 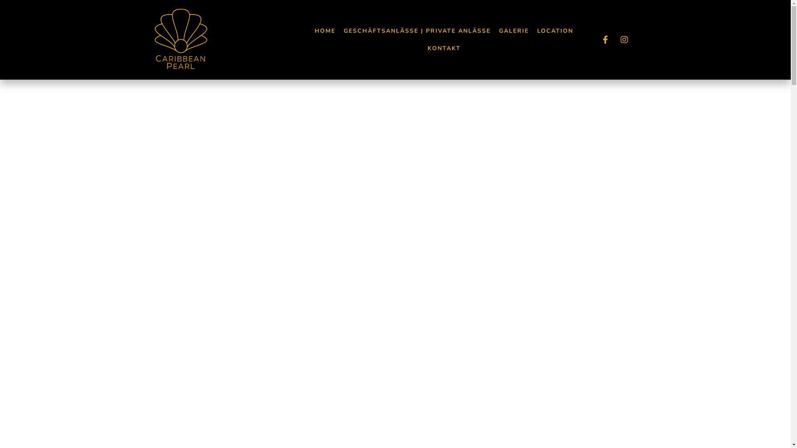 What do you see at coordinates (494, 30) in the screenshot?
I see `'GALERIE'` at bounding box center [494, 30].